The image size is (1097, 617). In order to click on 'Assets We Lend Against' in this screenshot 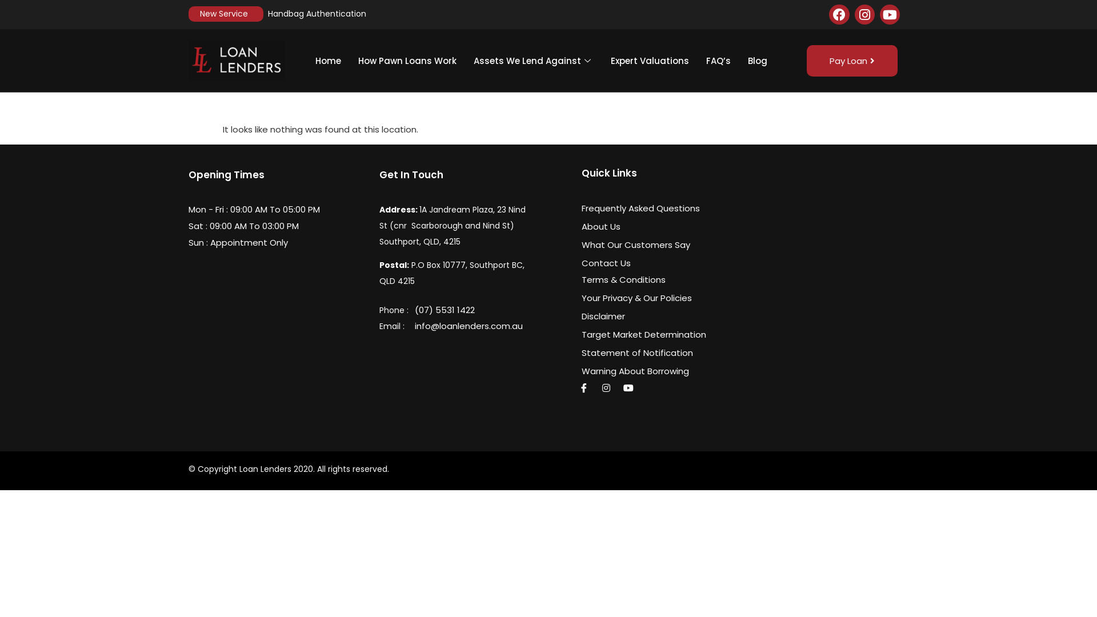, I will do `click(533, 60)`.